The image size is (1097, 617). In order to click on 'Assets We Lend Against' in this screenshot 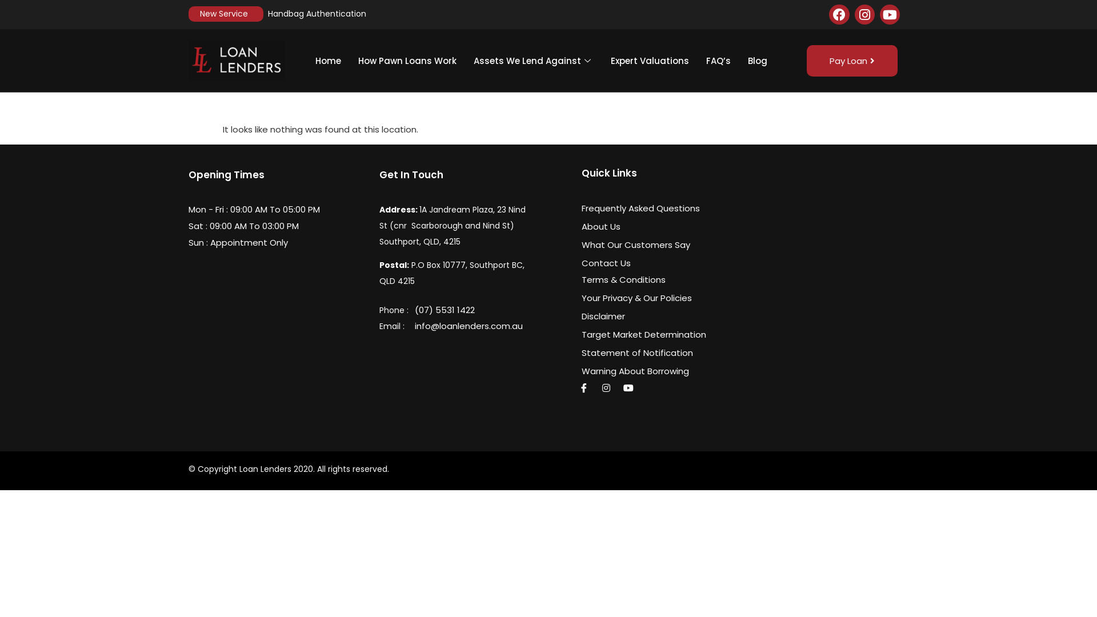, I will do `click(533, 60)`.